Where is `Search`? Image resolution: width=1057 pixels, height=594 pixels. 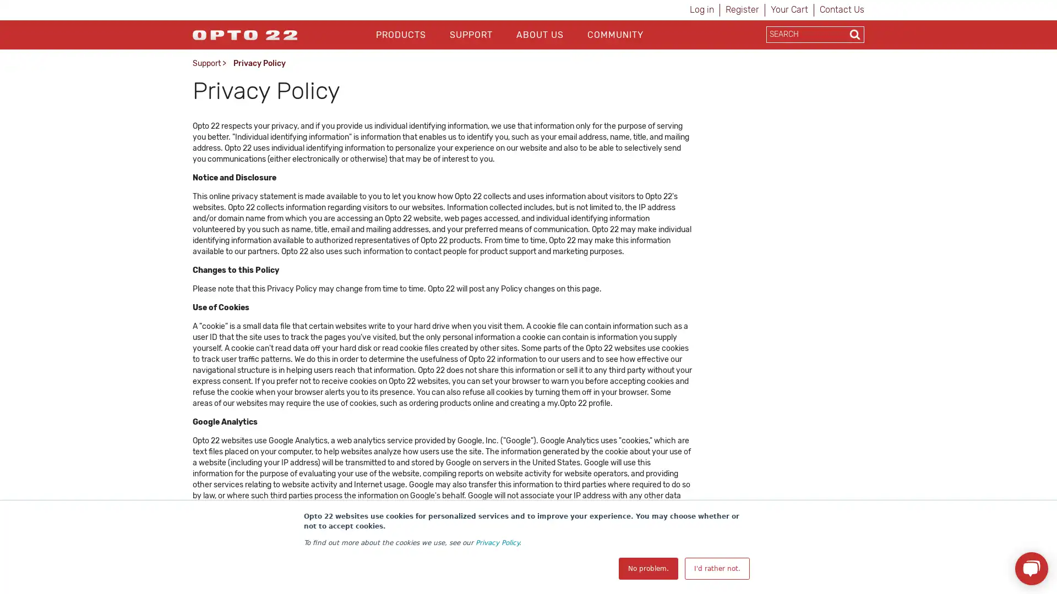 Search is located at coordinates (854, 33).